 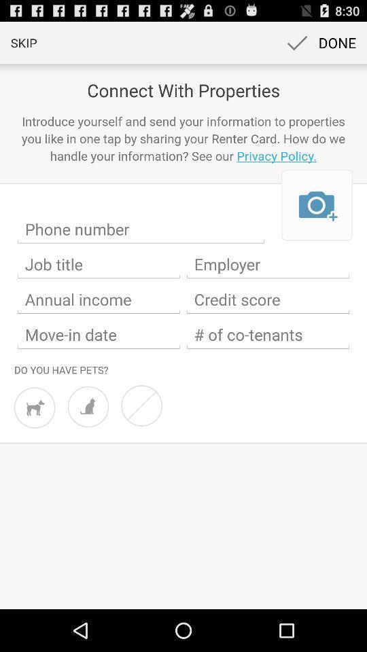 I want to click on cats, so click(x=88, y=407).